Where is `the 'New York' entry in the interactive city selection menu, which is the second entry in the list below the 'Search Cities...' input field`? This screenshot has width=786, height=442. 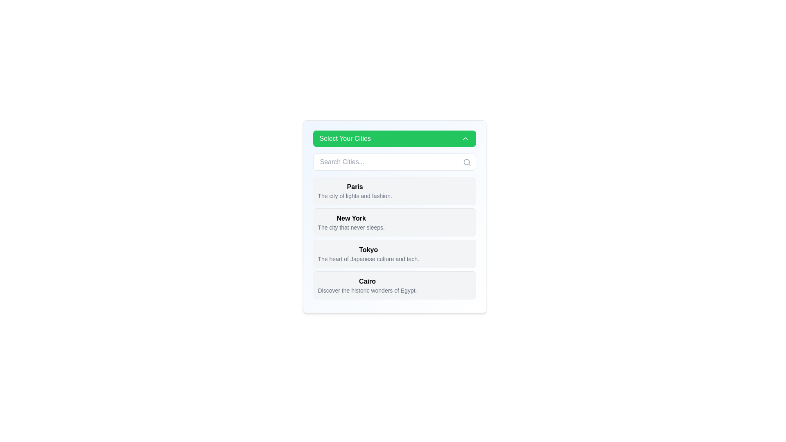 the 'New York' entry in the interactive city selection menu, which is the second entry in the list below the 'Search Cities...' input field is located at coordinates (394, 238).